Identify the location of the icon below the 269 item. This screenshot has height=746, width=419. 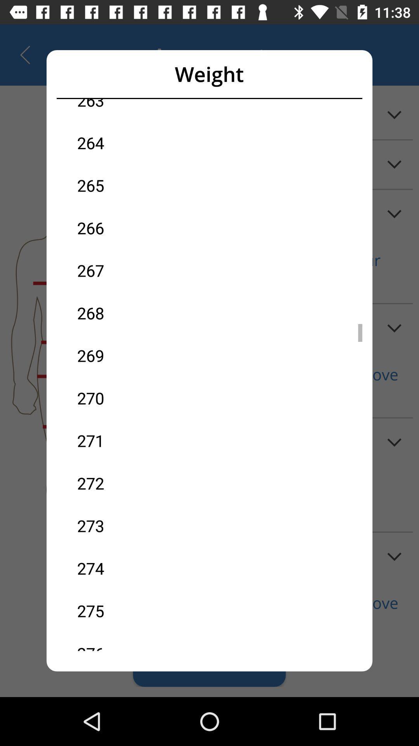
(143, 398).